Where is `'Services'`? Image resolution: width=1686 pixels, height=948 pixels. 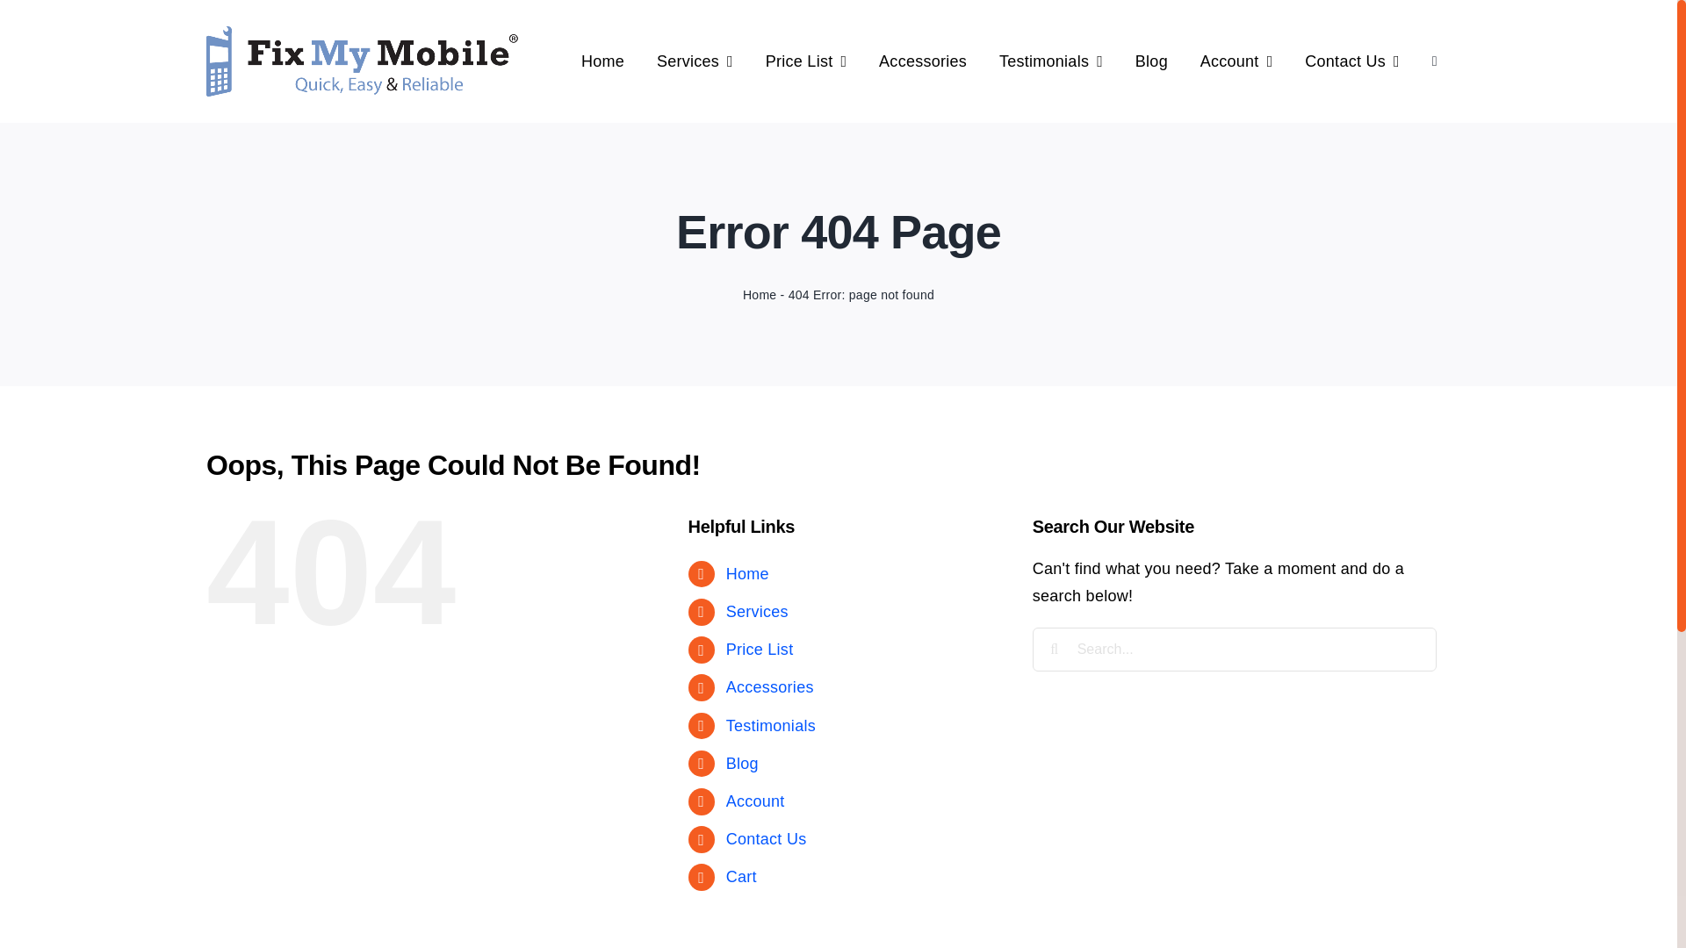
'Services' is located at coordinates (757, 611).